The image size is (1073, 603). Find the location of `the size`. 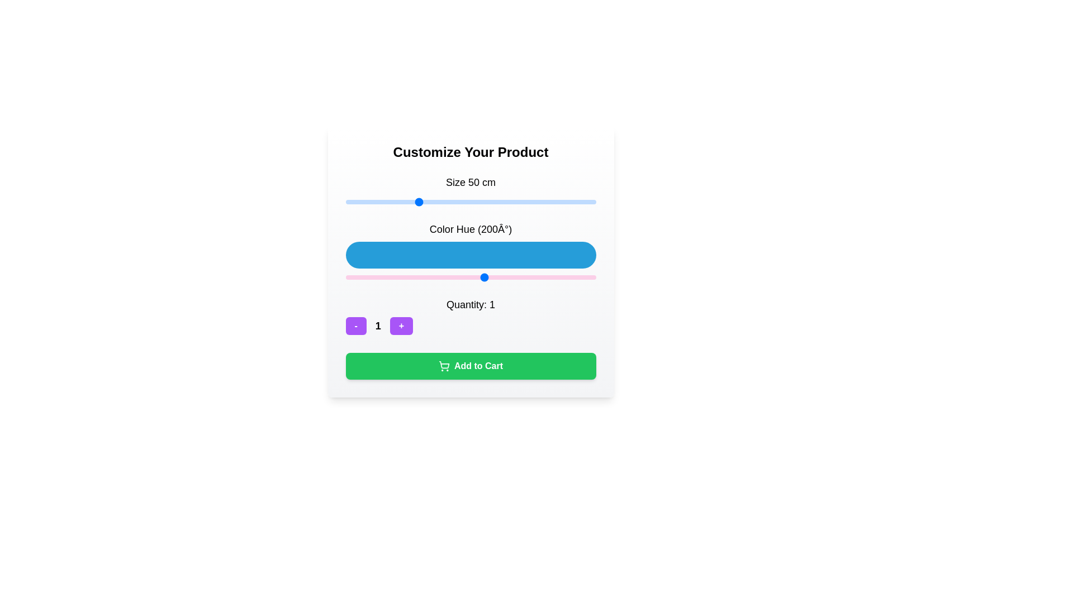

the size is located at coordinates (563, 202).